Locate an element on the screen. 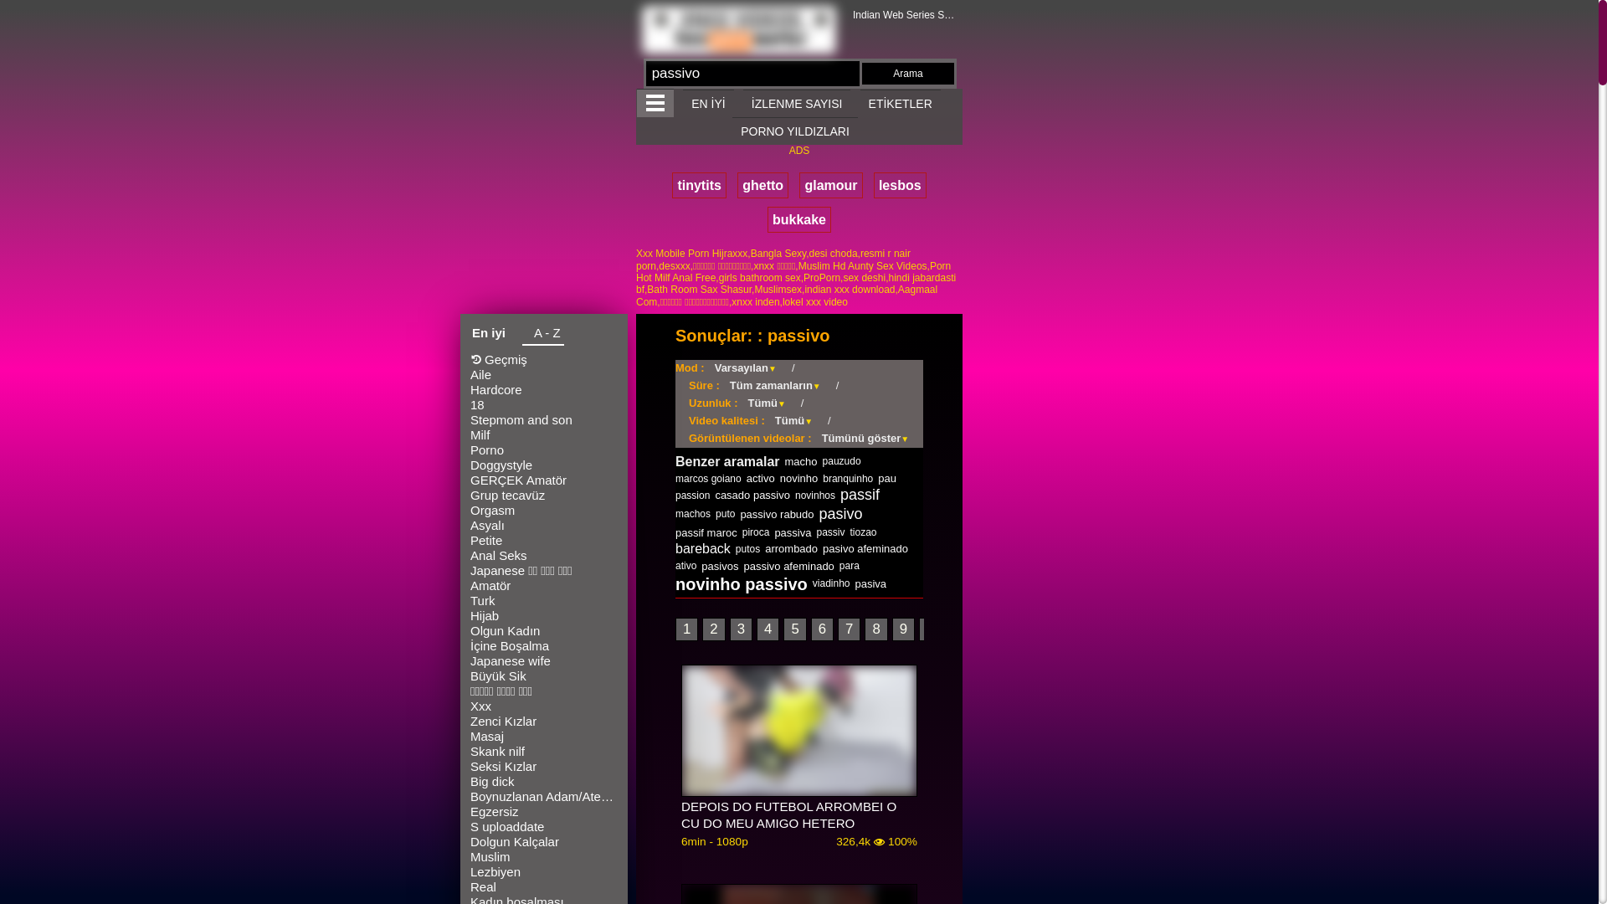 This screenshot has width=1607, height=904. 'Turk' is located at coordinates (543, 599).